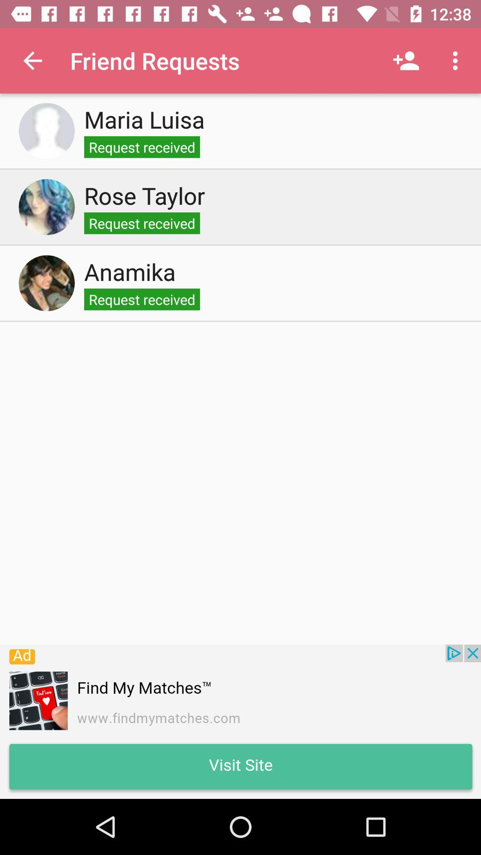 The image size is (481, 855). What do you see at coordinates (46, 207) in the screenshot?
I see `contact profile selection` at bounding box center [46, 207].